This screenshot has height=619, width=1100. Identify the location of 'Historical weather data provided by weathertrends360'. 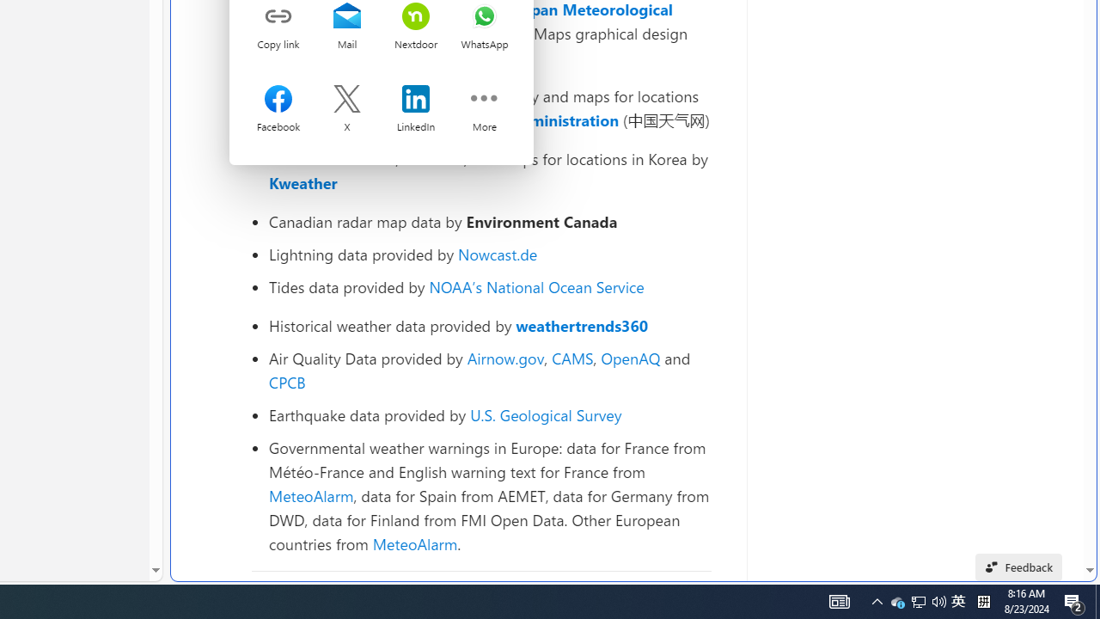
(489, 326).